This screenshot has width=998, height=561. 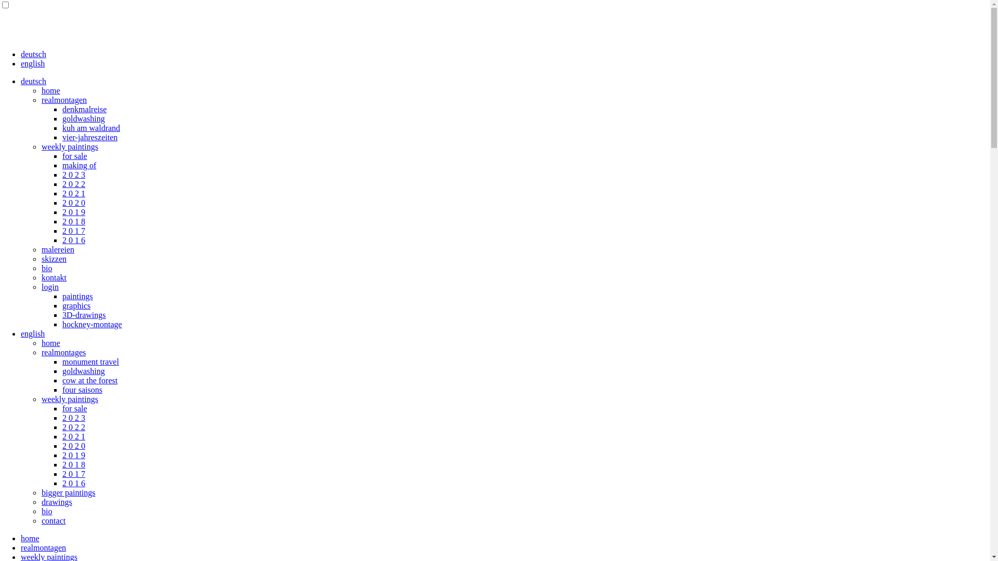 I want to click on 'english', so click(x=32, y=333).